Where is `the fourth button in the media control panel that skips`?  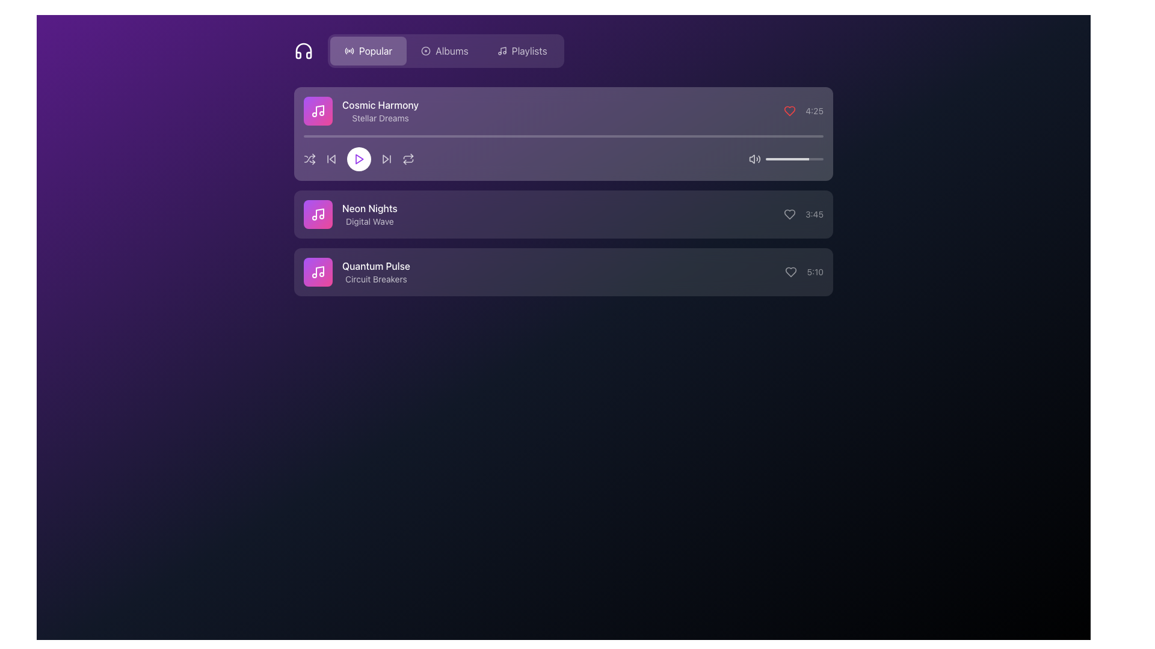
the fourth button in the media control panel that skips is located at coordinates (387, 159).